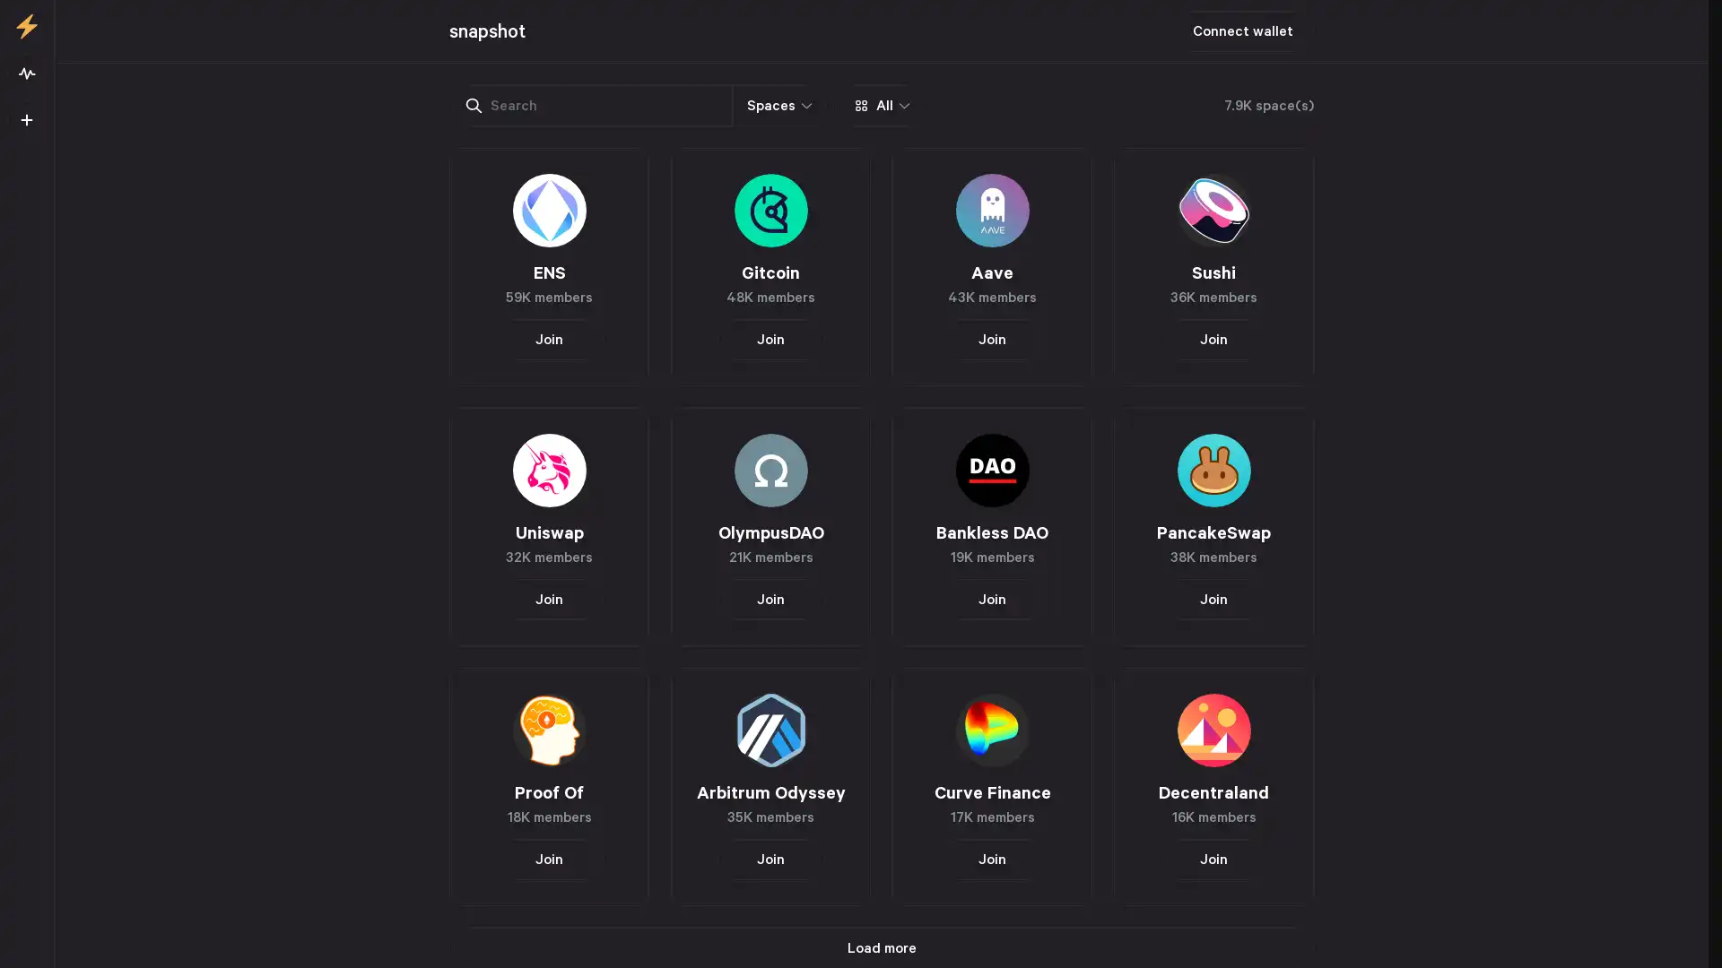 The height and width of the screenshot is (968, 1722). What do you see at coordinates (547, 339) in the screenshot?
I see `Join` at bounding box center [547, 339].